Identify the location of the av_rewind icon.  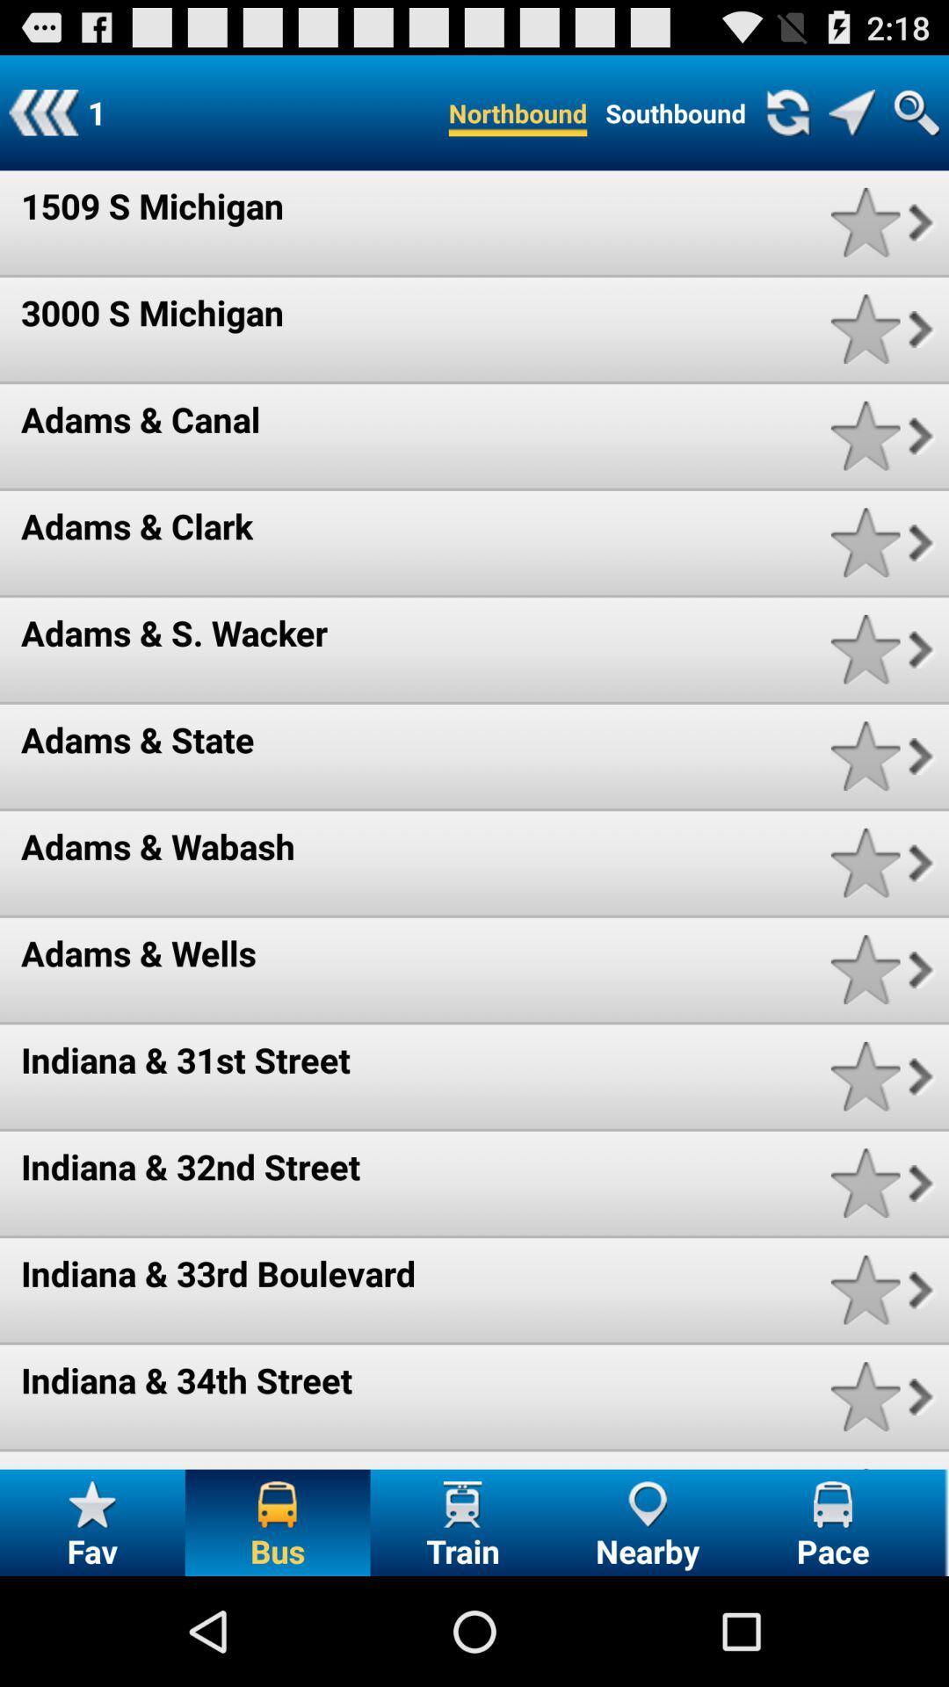
(42, 119).